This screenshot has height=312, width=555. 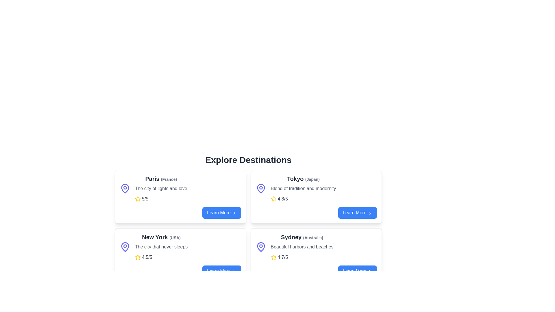 What do you see at coordinates (303, 188) in the screenshot?
I see `the Text display block that shows the title 'Tokyo (Japan)', subtitle 'Blend of tradition and modernity', and rating '4.8/5'` at bounding box center [303, 188].